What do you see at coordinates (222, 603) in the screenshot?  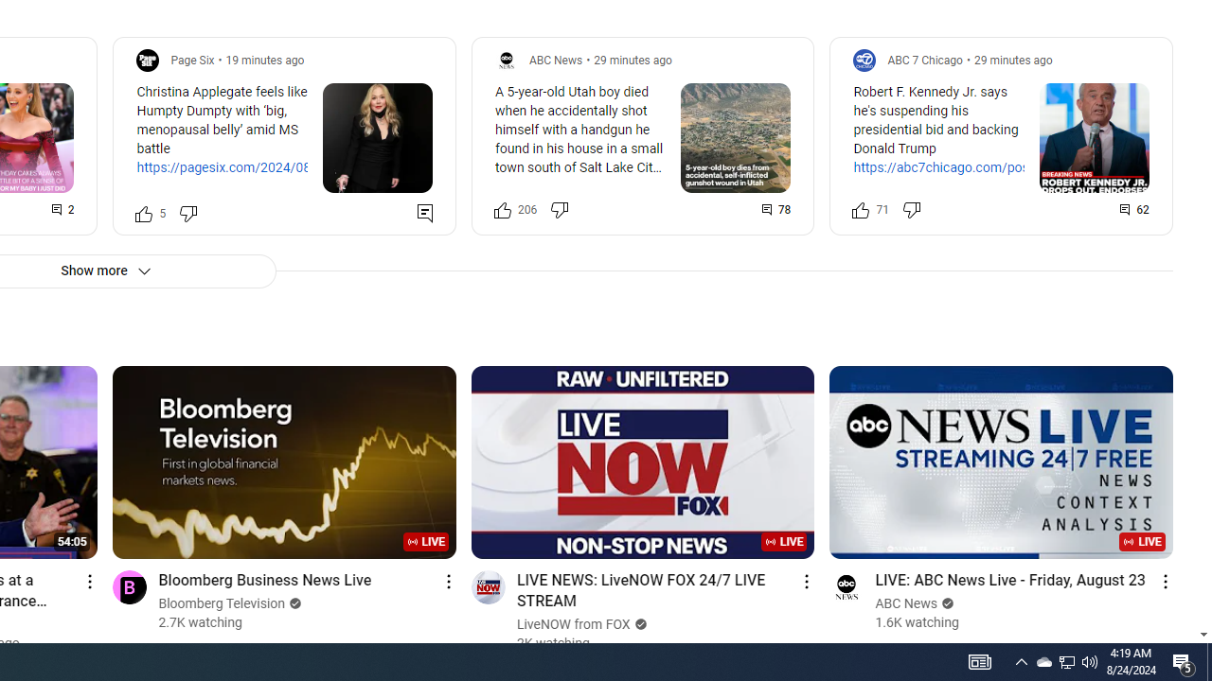 I see `'Bloomberg Television'` at bounding box center [222, 603].